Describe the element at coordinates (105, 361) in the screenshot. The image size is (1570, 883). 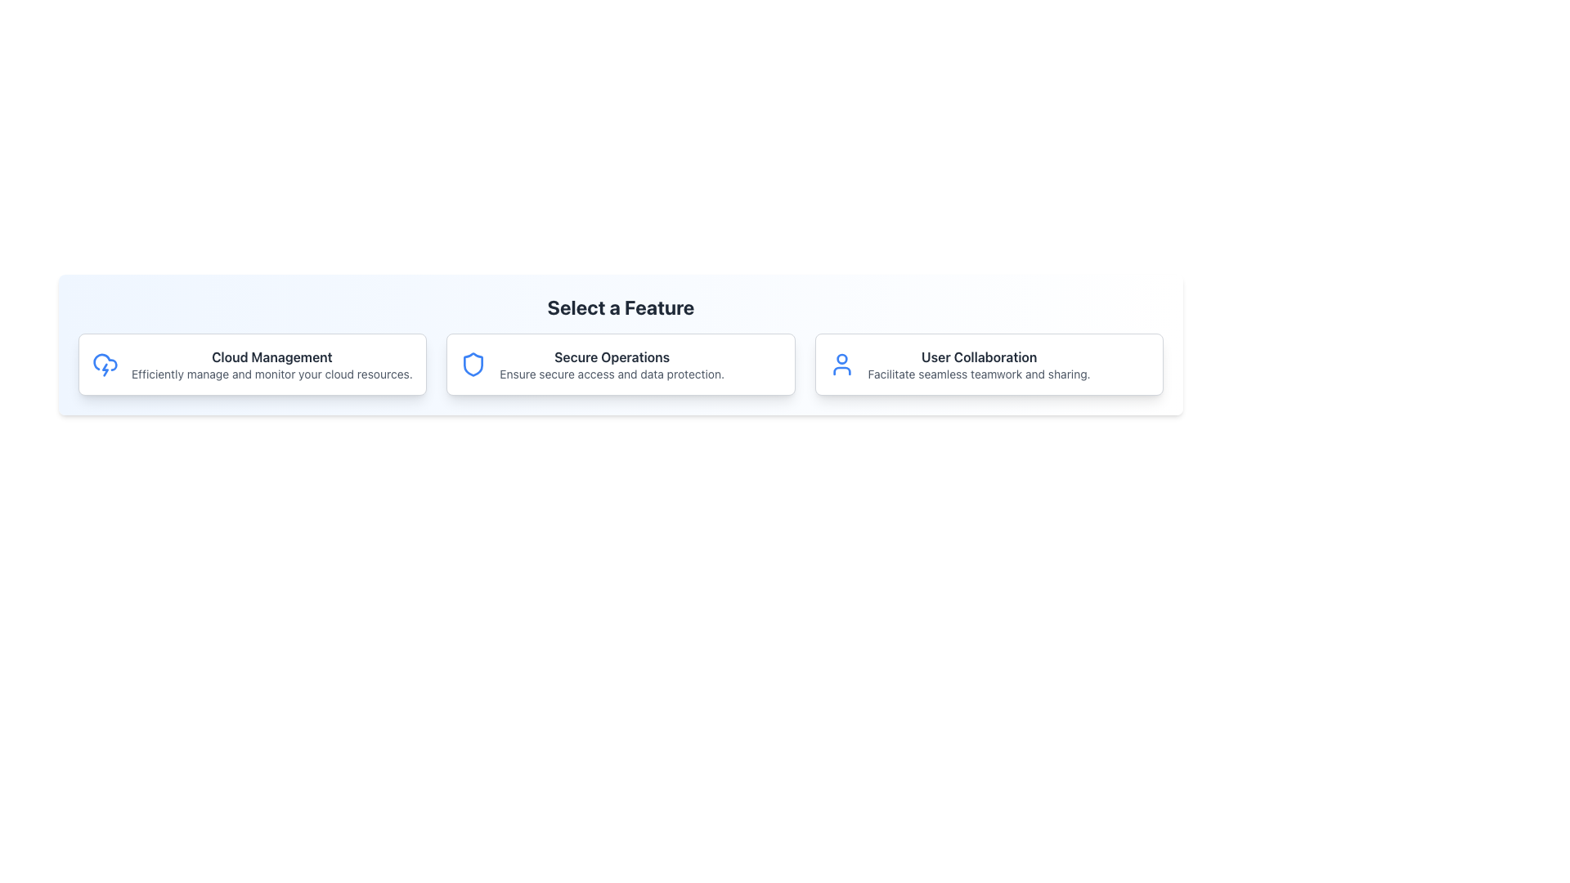
I see `the uppermost cloud-related management icon located in the 'Cloud Management' panel, which is part of a three-panel layout` at that location.